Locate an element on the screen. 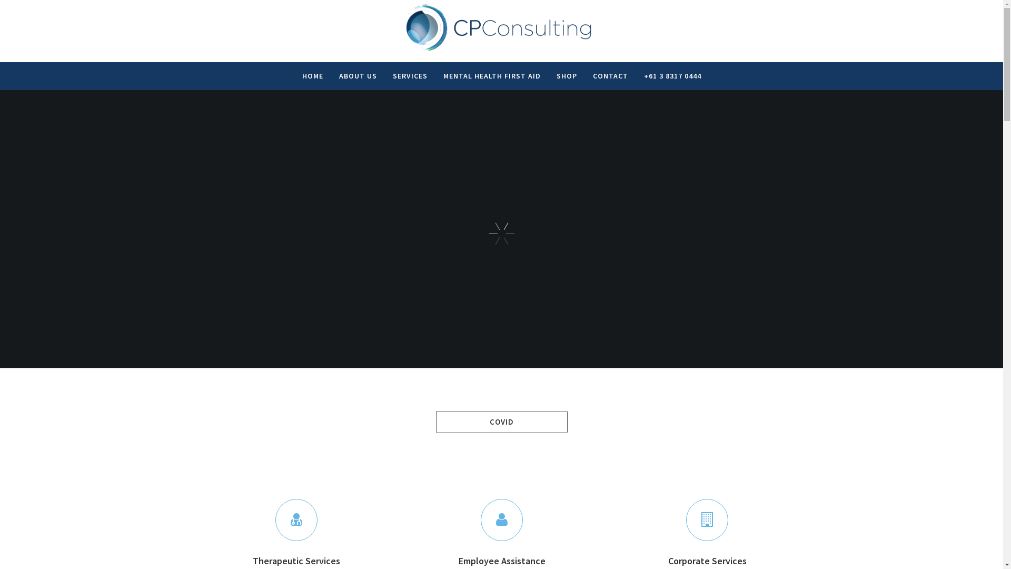 This screenshot has width=1011, height=569. 'CONTACT' is located at coordinates (610, 76).